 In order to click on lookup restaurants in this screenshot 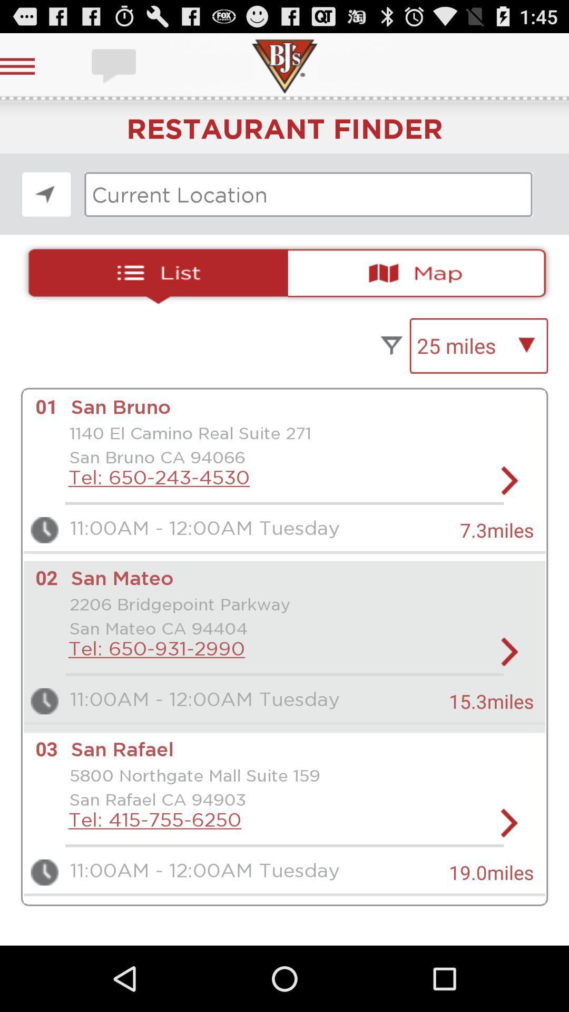, I will do `click(308, 194)`.